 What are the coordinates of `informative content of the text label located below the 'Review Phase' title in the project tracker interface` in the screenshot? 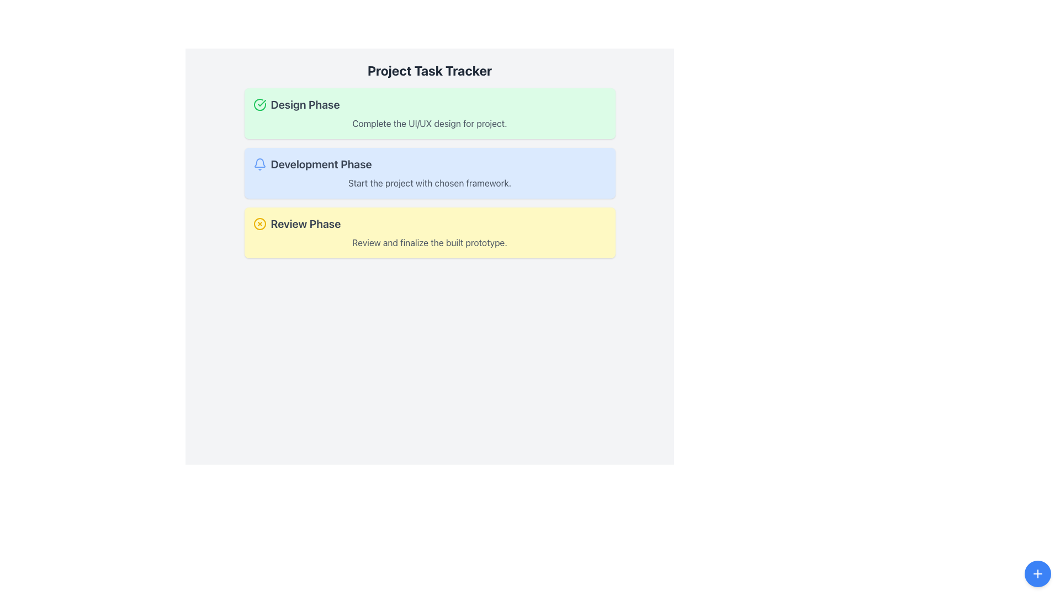 It's located at (429, 242).